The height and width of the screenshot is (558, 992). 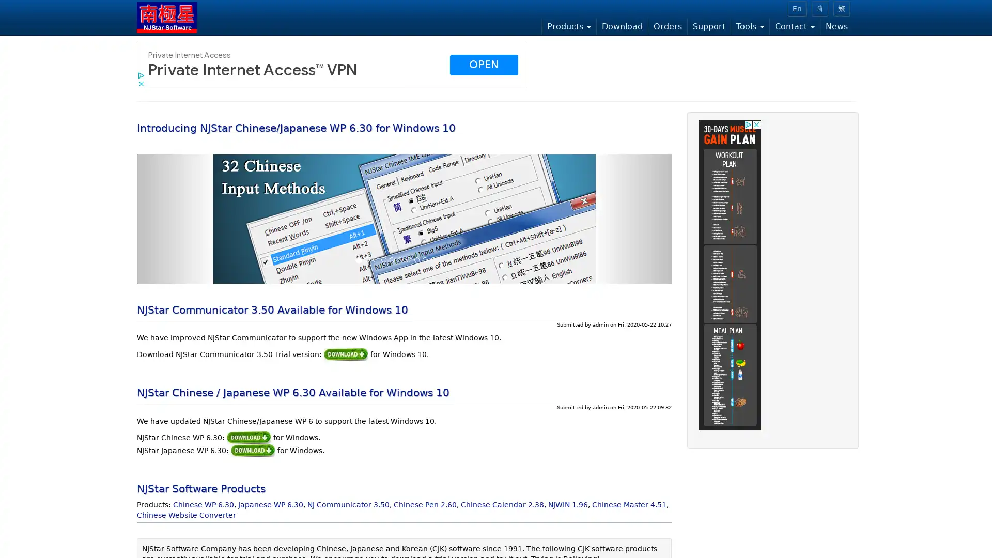 I want to click on Next, so click(x=631, y=219).